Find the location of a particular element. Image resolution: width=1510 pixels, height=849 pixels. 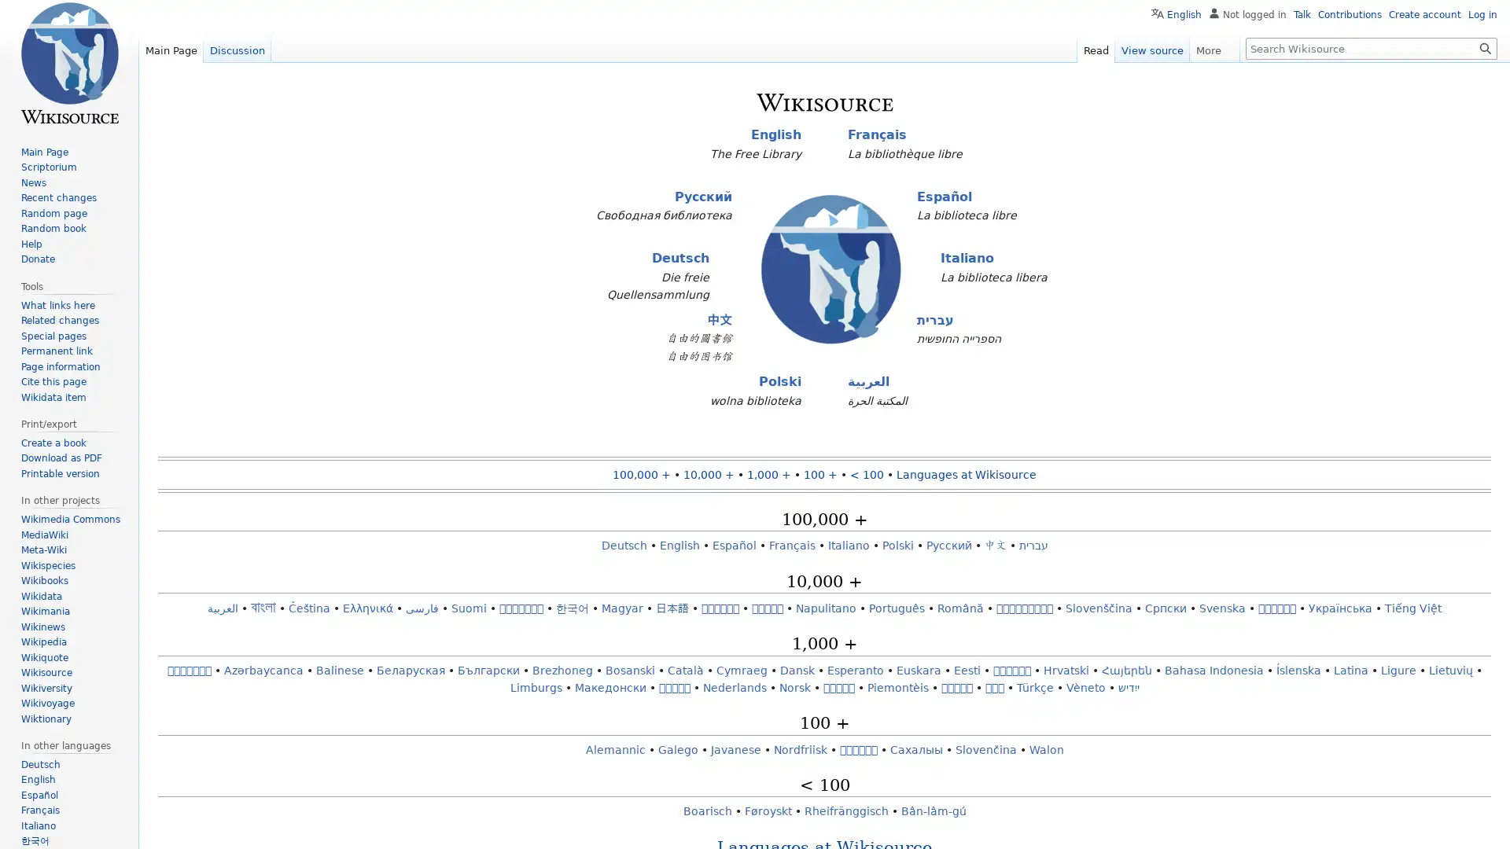

Search is located at coordinates (1485, 47).